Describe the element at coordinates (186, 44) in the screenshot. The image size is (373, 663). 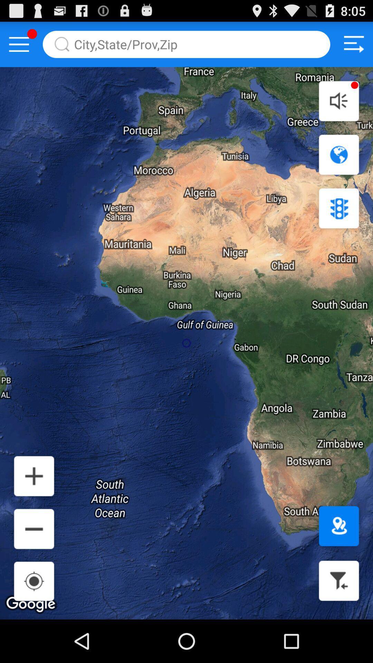
I see `search` at that location.